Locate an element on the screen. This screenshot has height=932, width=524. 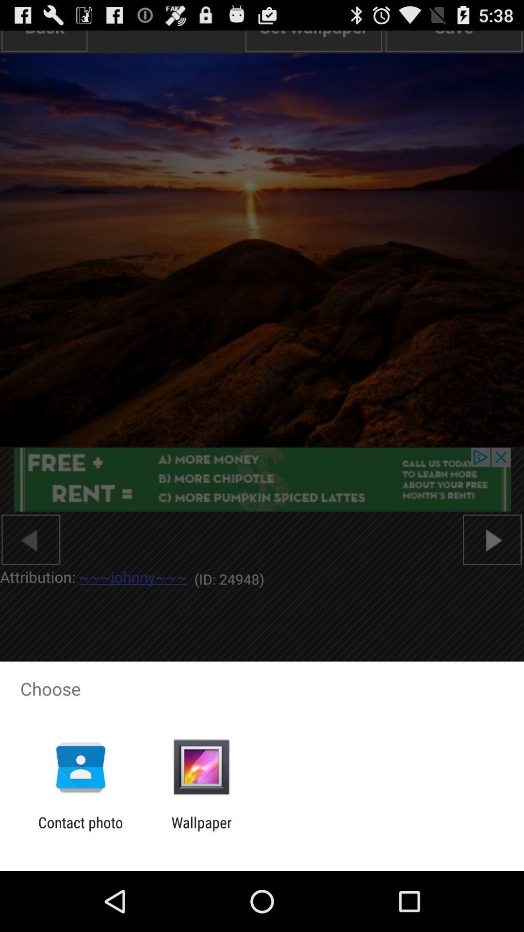
the wallpaper app is located at coordinates (201, 831).